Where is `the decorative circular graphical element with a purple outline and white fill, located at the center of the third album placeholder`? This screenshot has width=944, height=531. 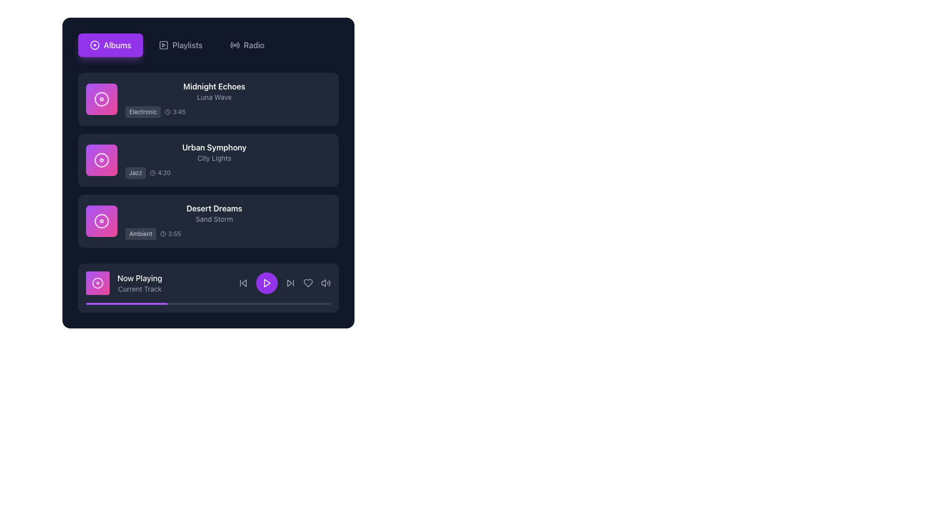 the decorative circular graphical element with a purple outline and white fill, located at the center of the third album placeholder is located at coordinates (101, 221).